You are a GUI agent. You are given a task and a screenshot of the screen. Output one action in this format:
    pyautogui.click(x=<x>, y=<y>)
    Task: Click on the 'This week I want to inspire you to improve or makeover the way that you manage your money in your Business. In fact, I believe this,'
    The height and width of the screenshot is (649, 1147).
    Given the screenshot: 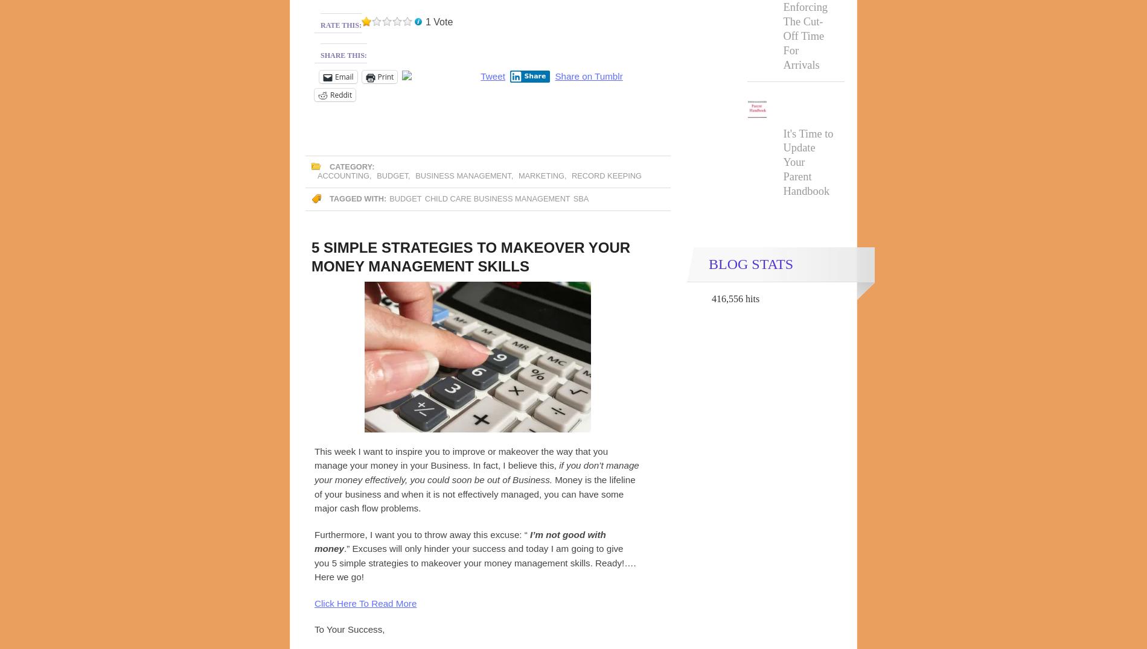 What is the action you would take?
    pyautogui.click(x=314, y=457)
    